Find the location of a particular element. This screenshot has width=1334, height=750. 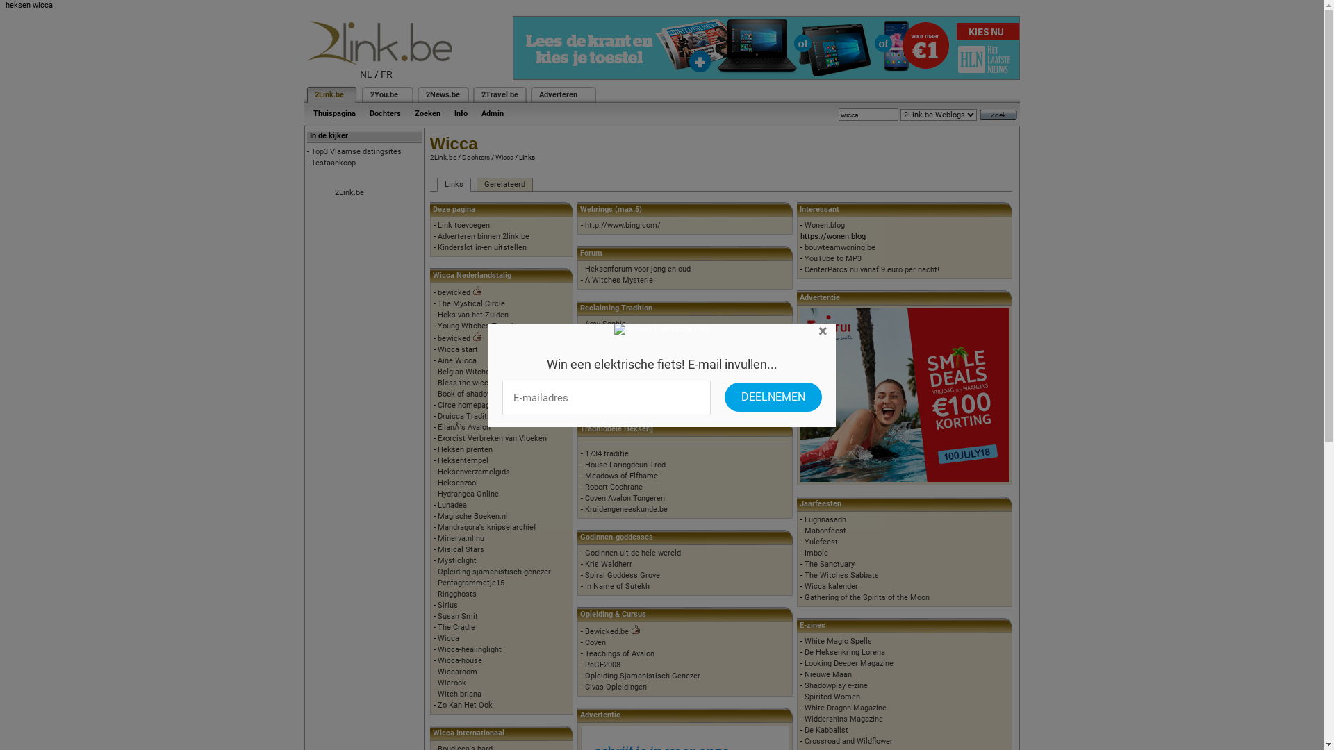

'In Name of Sutekh' is located at coordinates (616, 586).